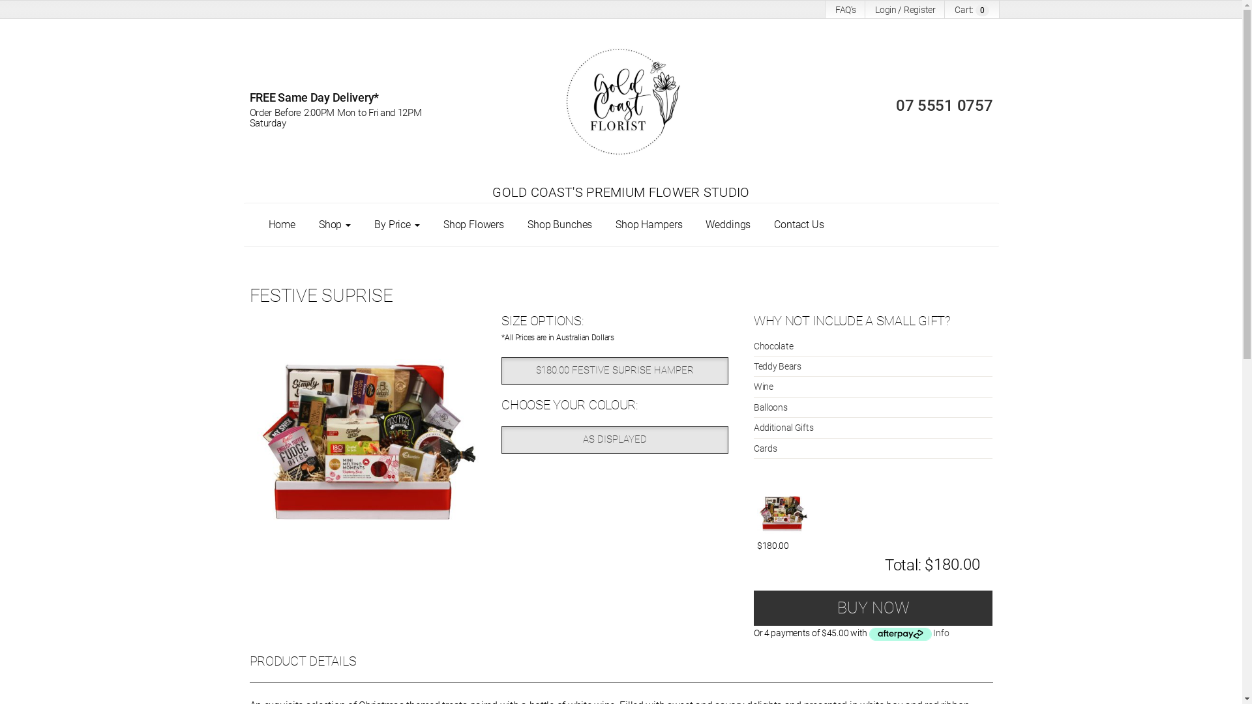  I want to click on 'Weddings', so click(693, 224).